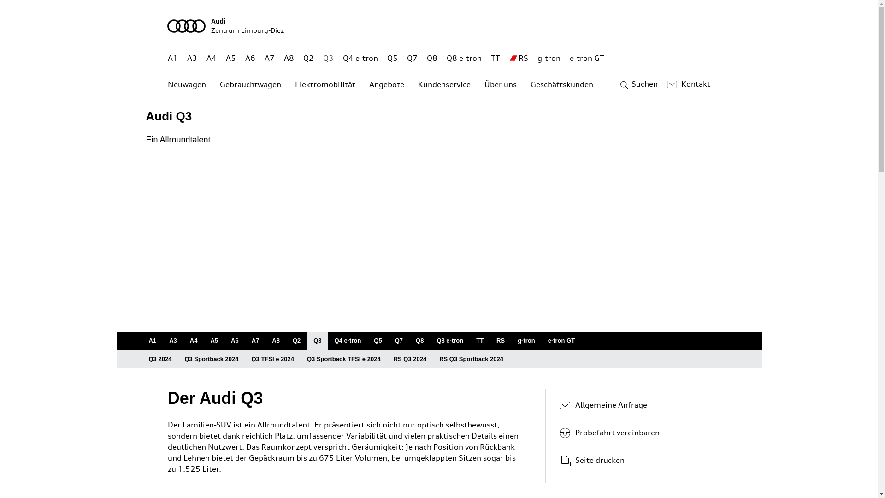 This screenshot has width=885, height=498. What do you see at coordinates (687, 84) in the screenshot?
I see `'Kontakt'` at bounding box center [687, 84].